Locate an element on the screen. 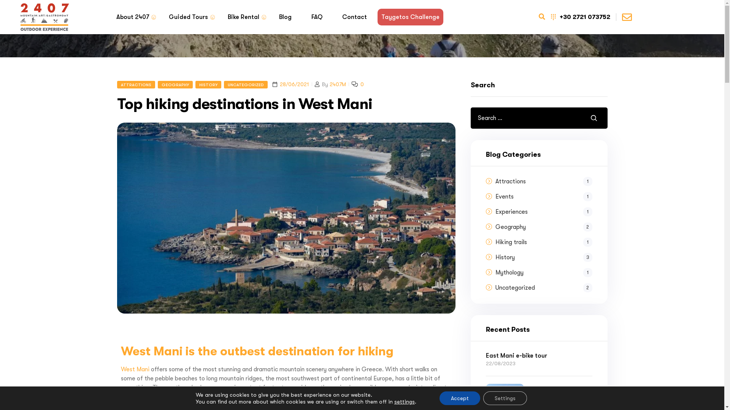 Image resolution: width=730 pixels, height=410 pixels. 'East Mani e-bike tour' is located at coordinates (538, 356).